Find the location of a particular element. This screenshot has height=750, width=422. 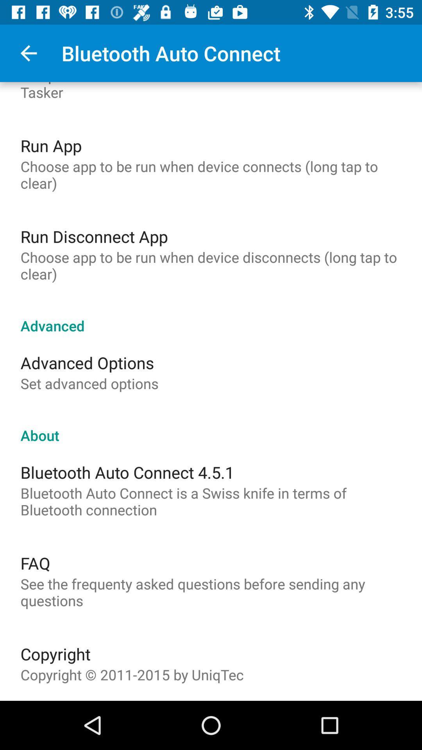

the item above the the preference misc icon is located at coordinates (28, 53).